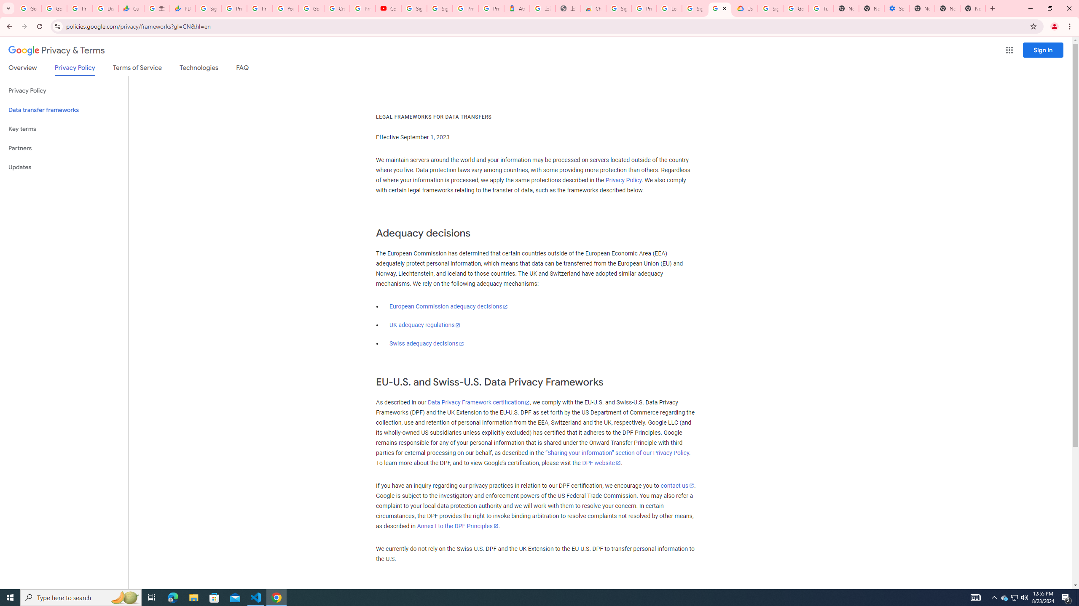  I want to click on 'Settings - Addresses and more', so click(896, 8).